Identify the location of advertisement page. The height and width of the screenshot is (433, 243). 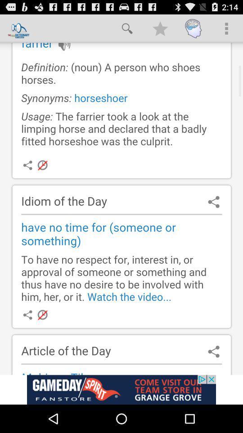
(121, 389).